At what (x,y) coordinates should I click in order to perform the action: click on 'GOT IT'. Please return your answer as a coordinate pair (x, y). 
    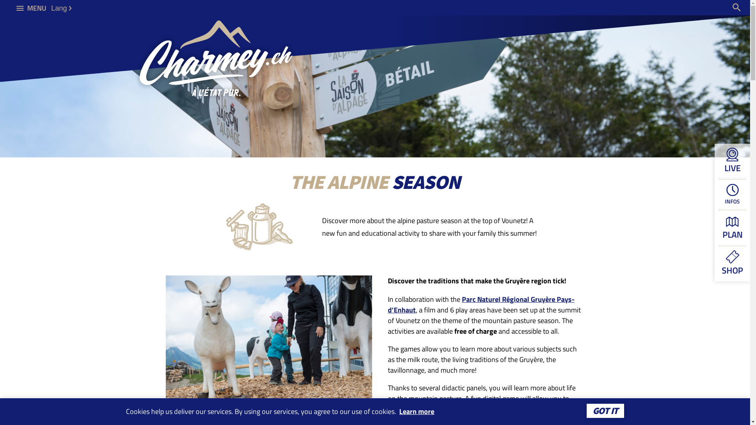
    Looking at the image, I should click on (605, 410).